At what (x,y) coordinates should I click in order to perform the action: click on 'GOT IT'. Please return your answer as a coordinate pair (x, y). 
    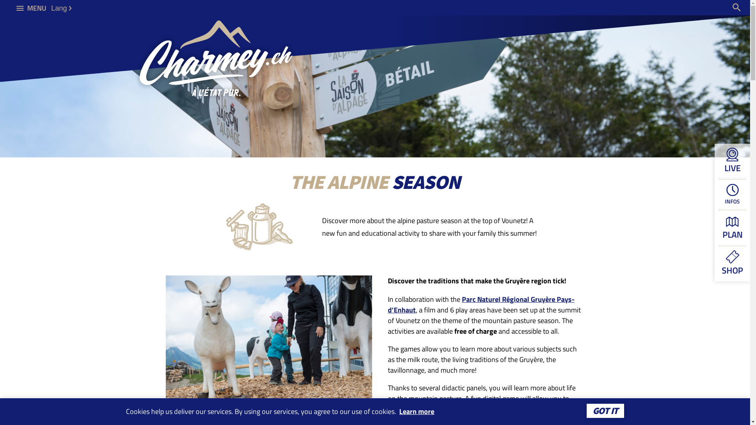
    Looking at the image, I should click on (605, 410).